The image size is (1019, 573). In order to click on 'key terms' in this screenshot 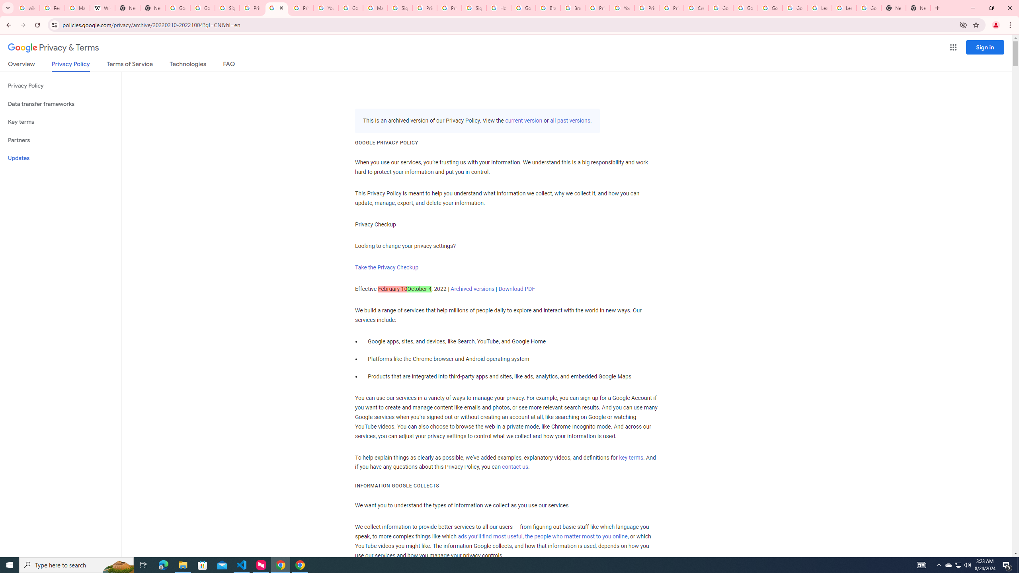, I will do `click(630, 457)`.